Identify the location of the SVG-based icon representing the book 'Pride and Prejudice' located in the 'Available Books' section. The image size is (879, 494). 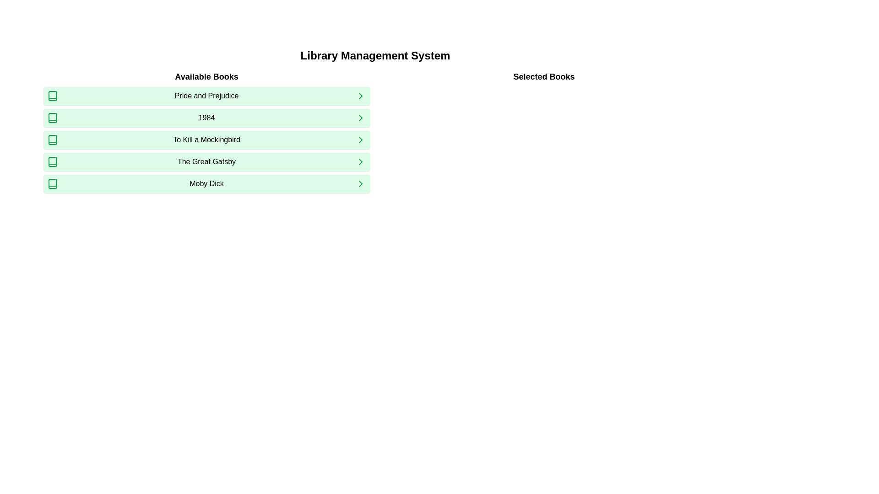
(52, 96).